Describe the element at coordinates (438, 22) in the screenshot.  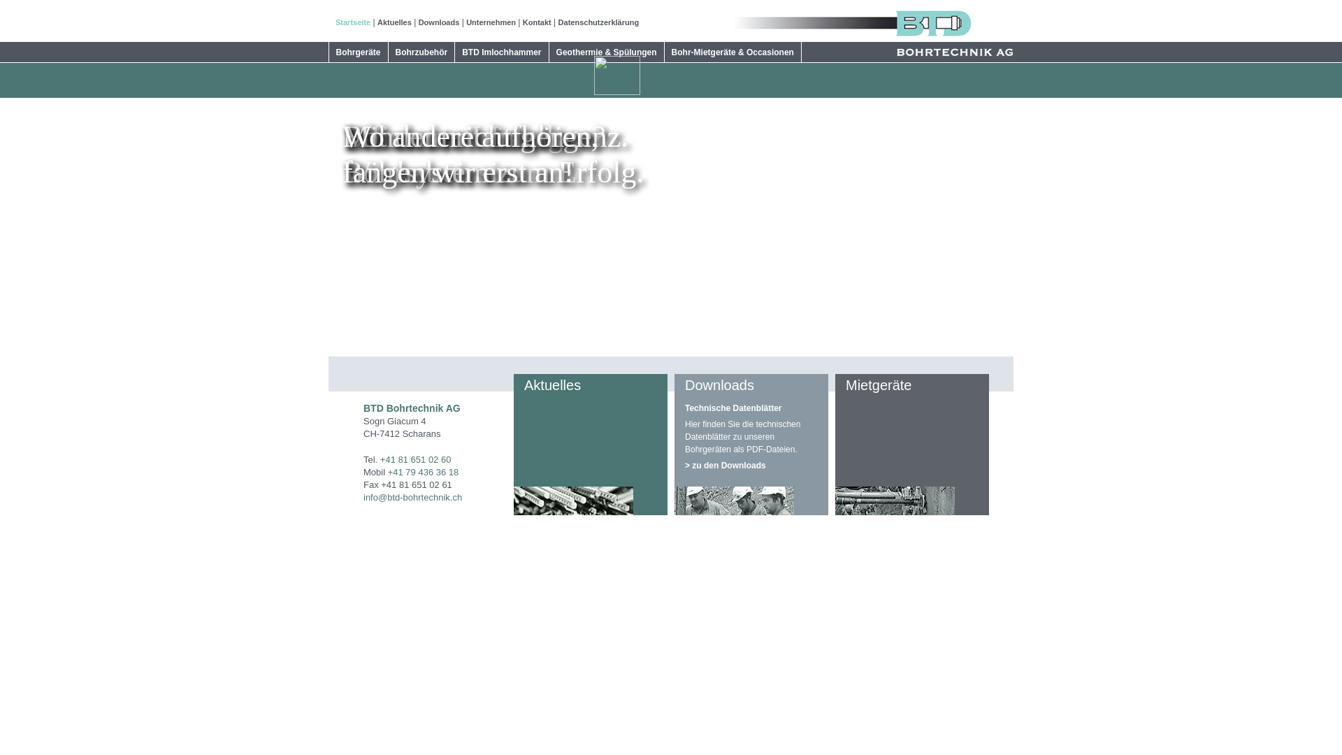
I see `'Downloads'` at that location.